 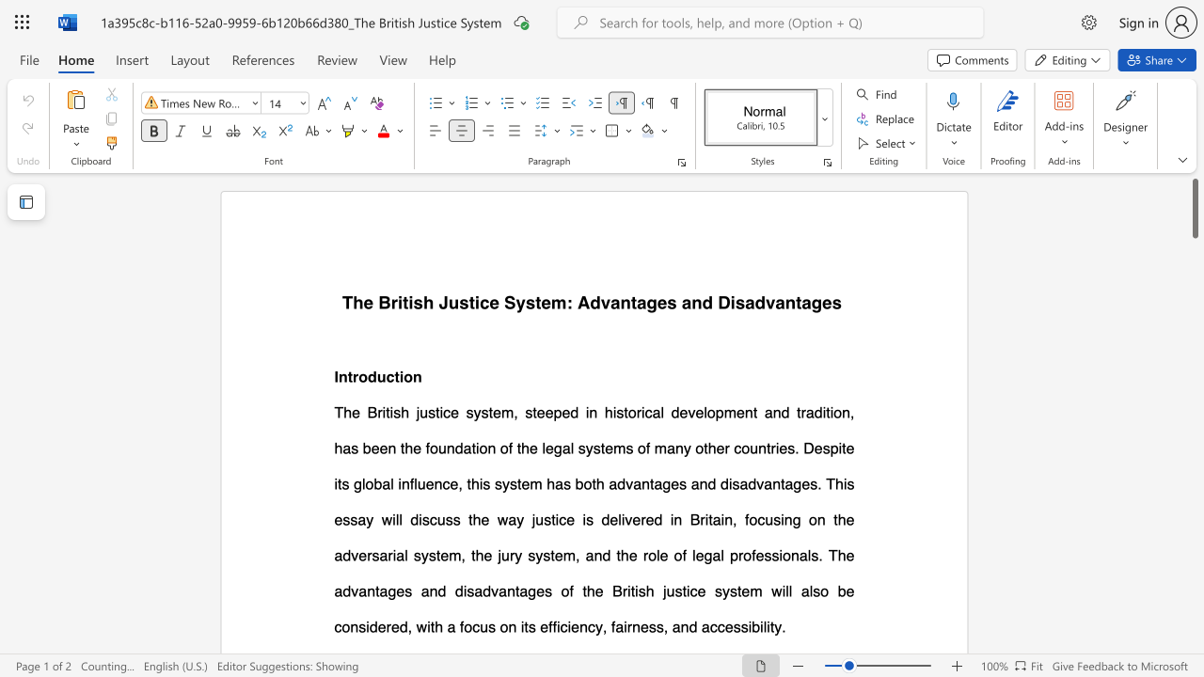 I want to click on the scrollbar on the right side to scroll the page down, so click(x=1194, y=384).